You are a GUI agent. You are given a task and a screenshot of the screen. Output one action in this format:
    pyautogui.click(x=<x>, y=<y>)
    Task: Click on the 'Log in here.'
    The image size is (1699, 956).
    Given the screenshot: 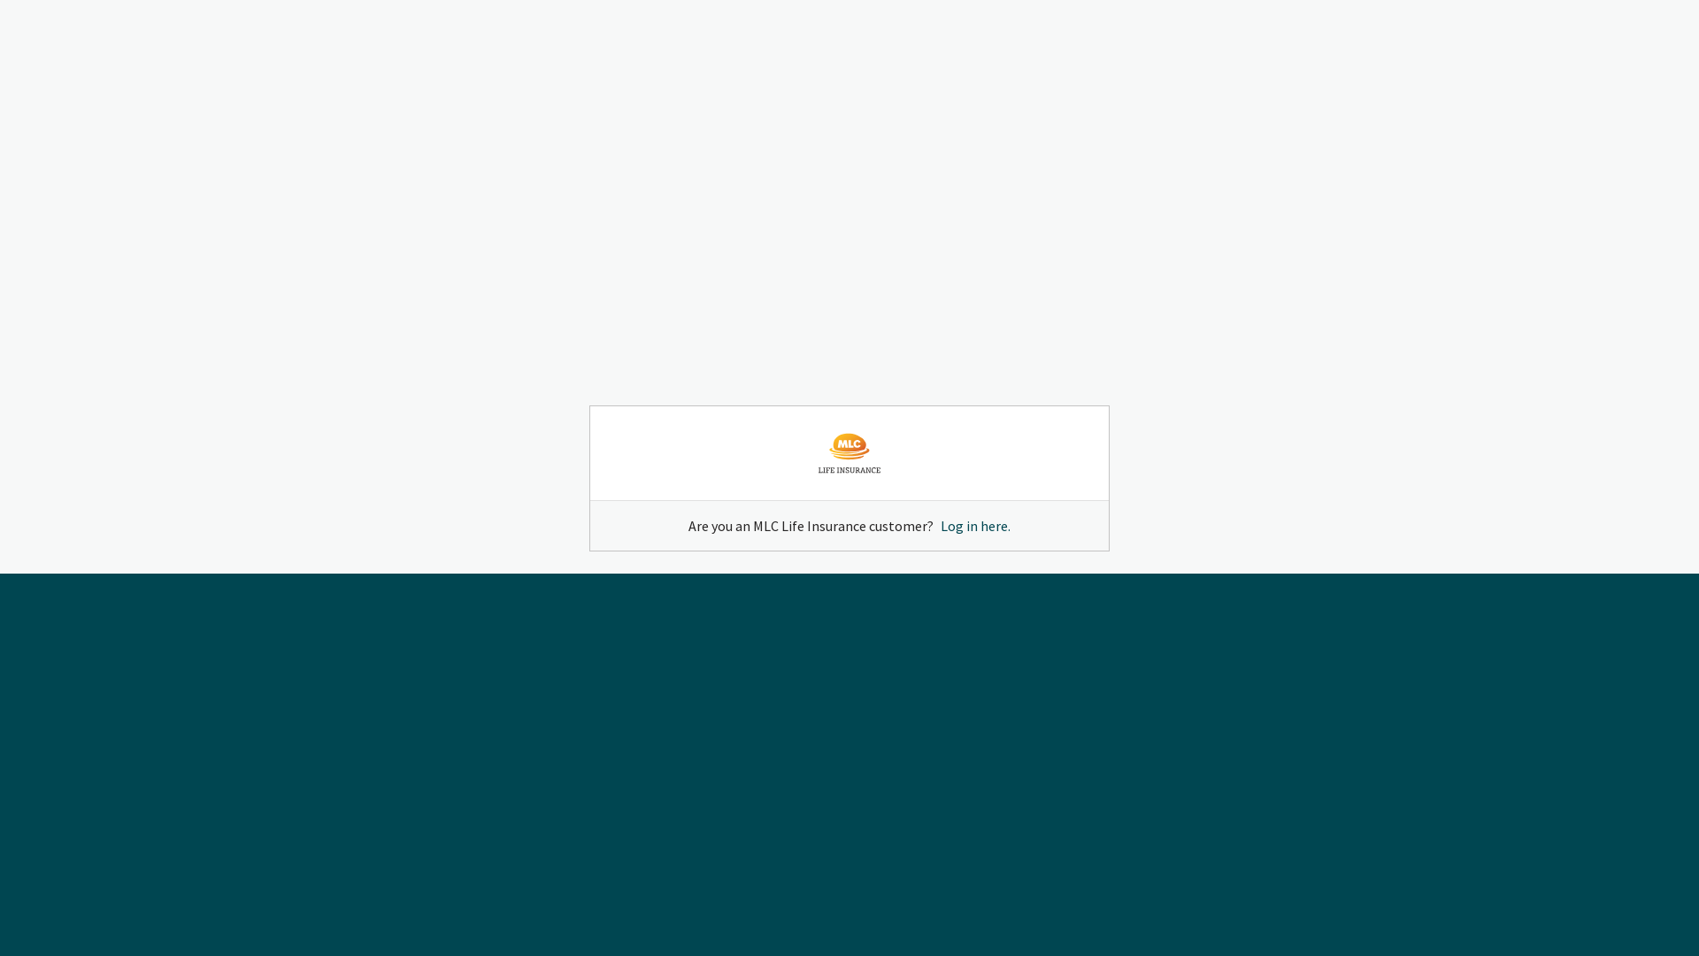 What is the action you would take?
    pyautogui.click(x=974, y=525)
    